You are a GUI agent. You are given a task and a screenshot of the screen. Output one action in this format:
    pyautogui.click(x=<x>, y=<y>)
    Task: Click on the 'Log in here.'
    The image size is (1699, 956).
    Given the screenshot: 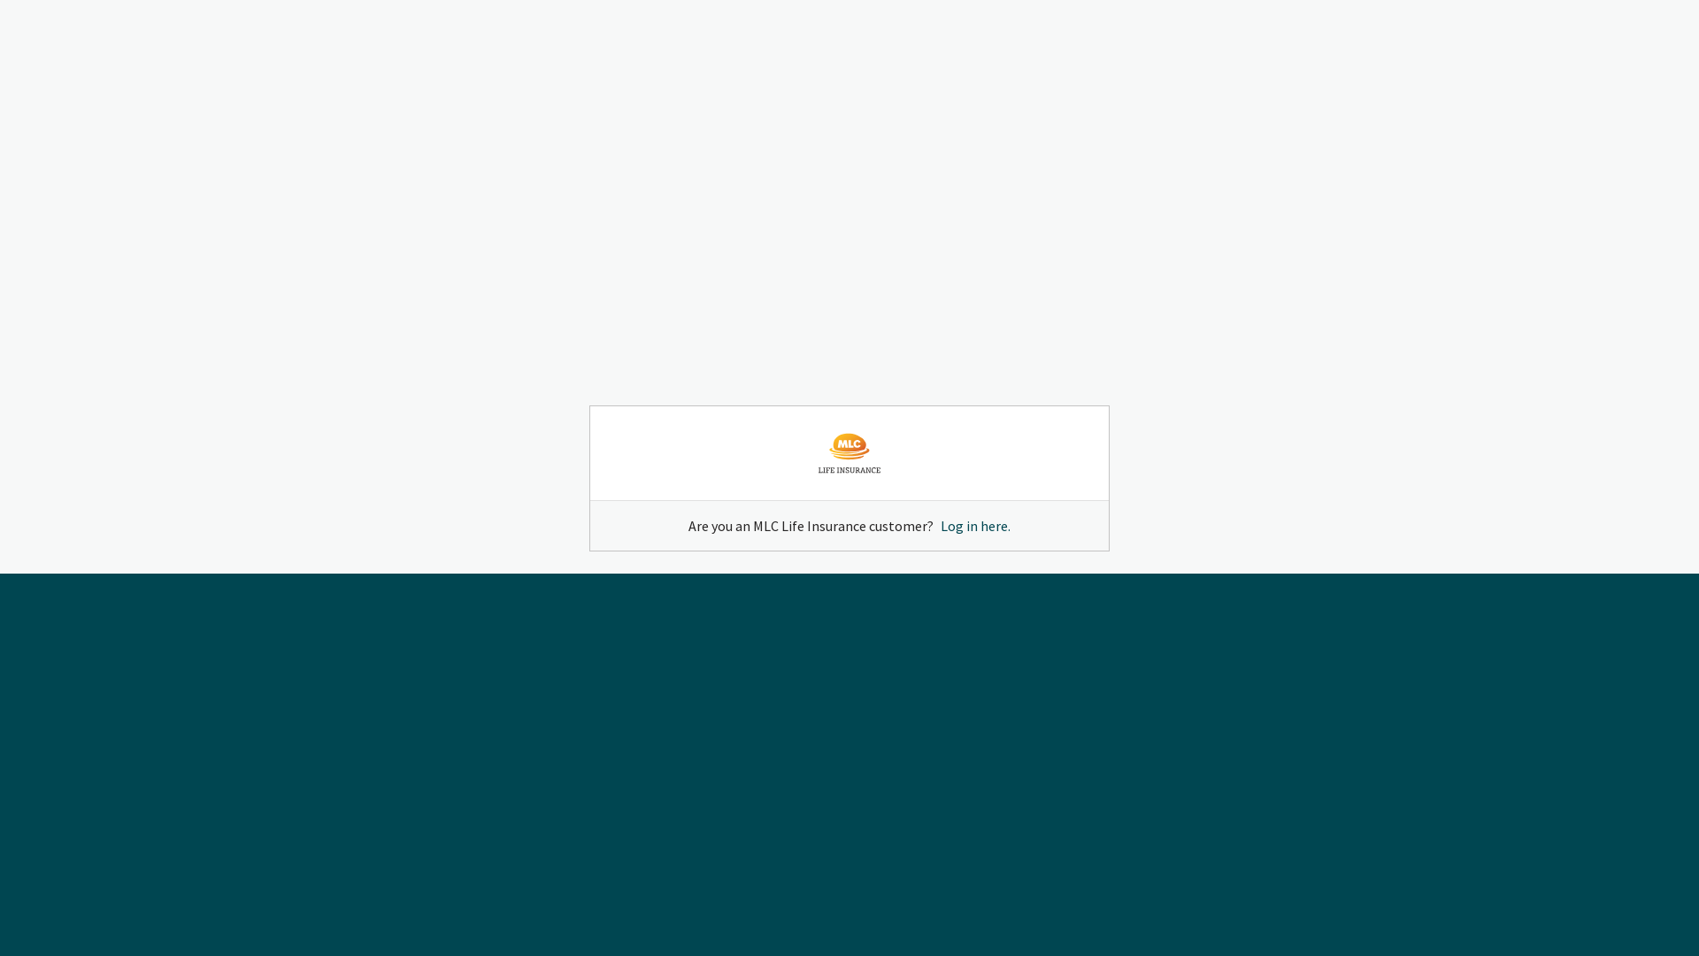 What is the action you would take?
    pyautogui.click(x=974, y=525)
    